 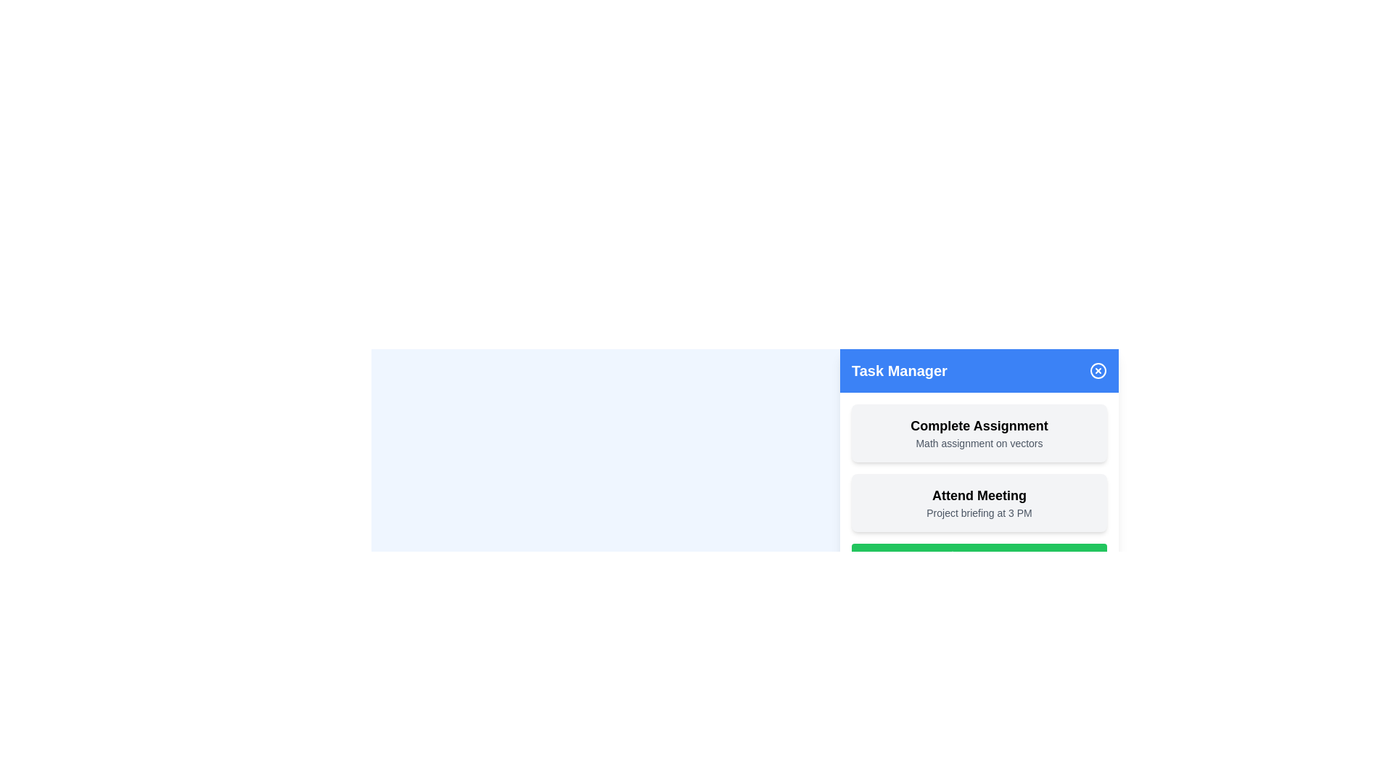 I want to click on the 'Complete Assignment' text label, which is a bold and large font heading within a task card, so click(x=979, y=425).